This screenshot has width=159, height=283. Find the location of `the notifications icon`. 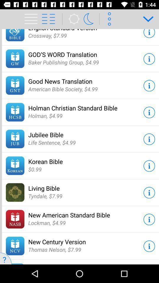

the notifications icon is located at coordinates (90, 19).